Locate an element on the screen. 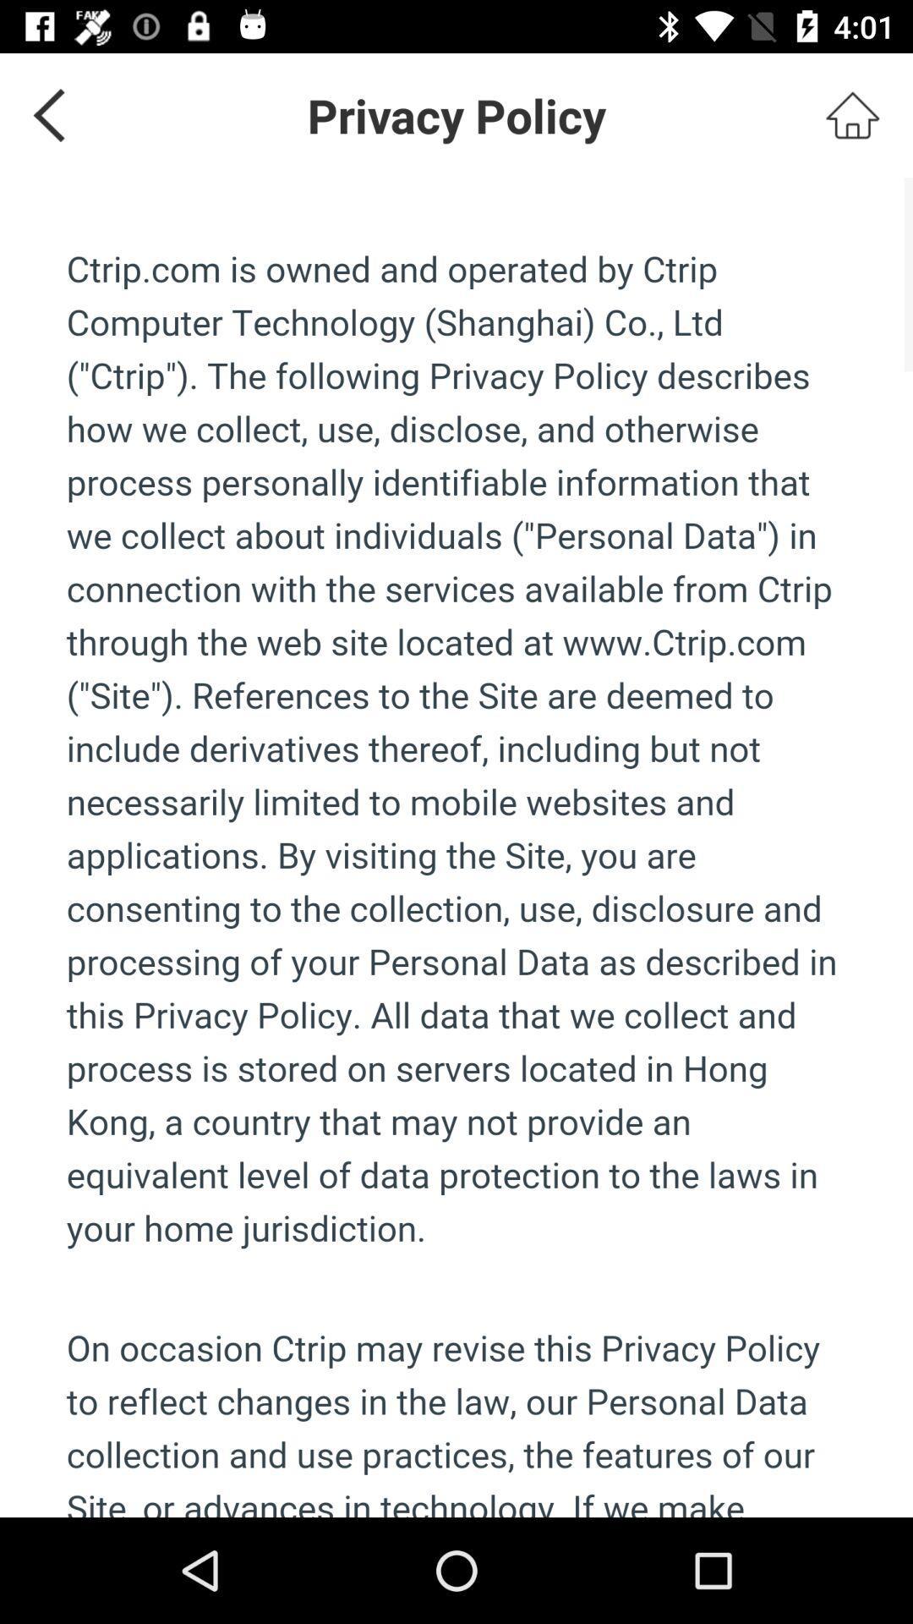 The height and width of the screenshot is (1624, 913). home button is located at coordinates (852, 114).